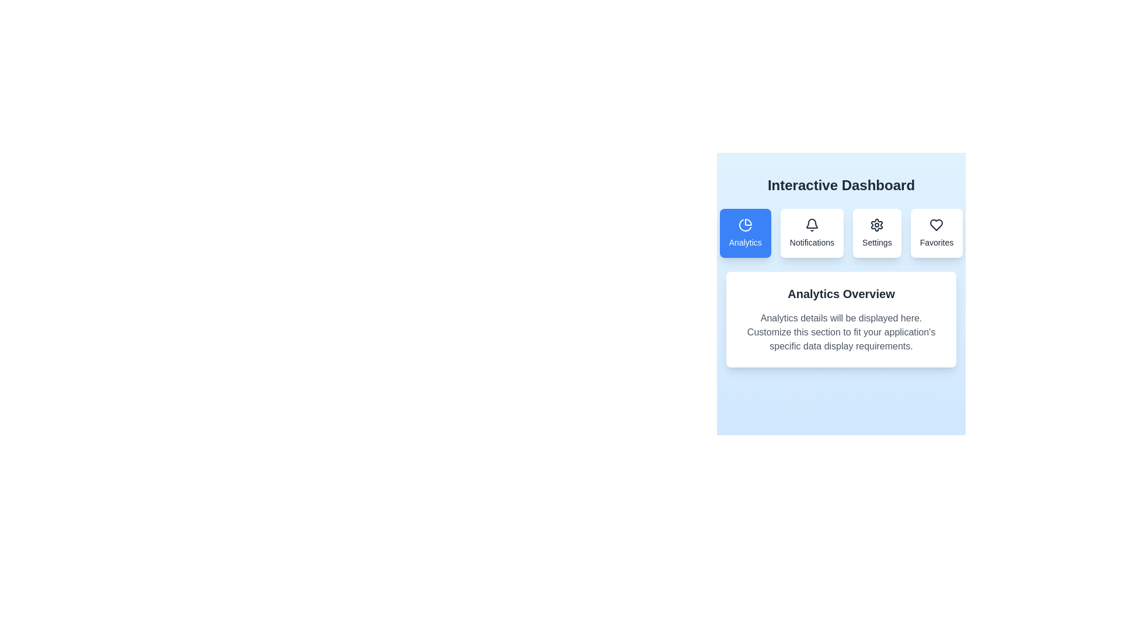 This screenshot has height=630, width=1121. I want to click on the gear icon representing the settings functionality located at the center-top of the 'Settings' button in the Interactive Dashboard interface, so click(877, 225).